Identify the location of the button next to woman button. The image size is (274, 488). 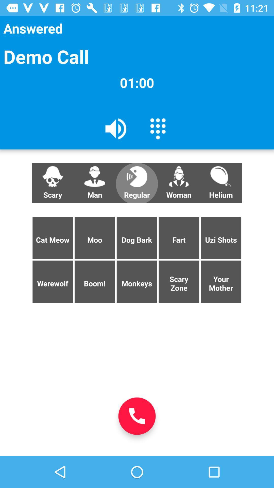
(221, 183).